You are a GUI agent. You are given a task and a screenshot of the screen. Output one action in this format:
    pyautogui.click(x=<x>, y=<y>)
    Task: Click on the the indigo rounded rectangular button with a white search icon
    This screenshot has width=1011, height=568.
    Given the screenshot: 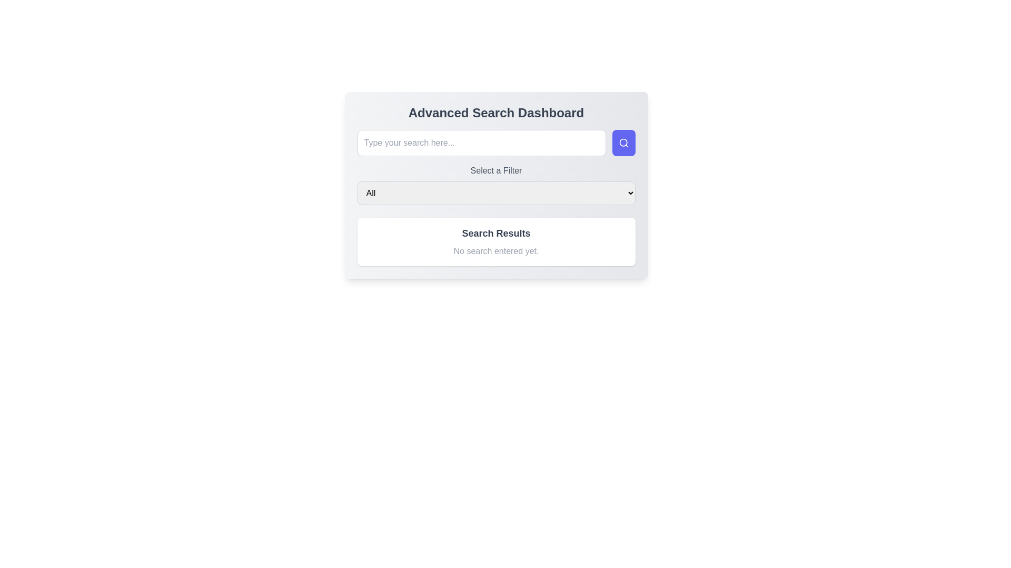 What is the action you would take?
    pyautogui.click(x=623, y=143)
    